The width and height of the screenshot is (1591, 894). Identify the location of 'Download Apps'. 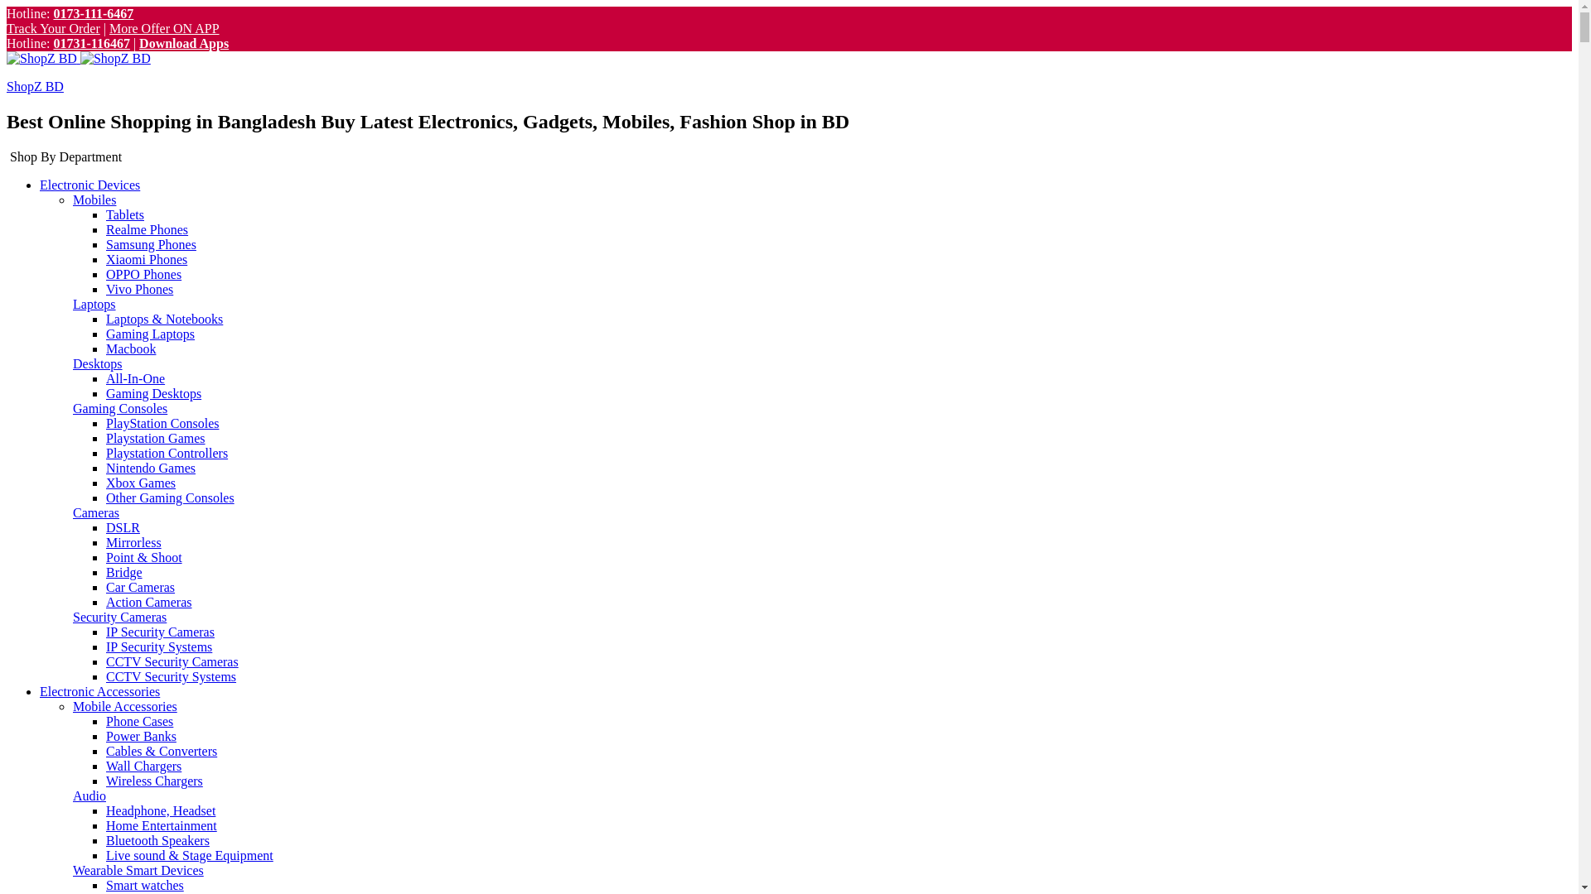
(139, 42).